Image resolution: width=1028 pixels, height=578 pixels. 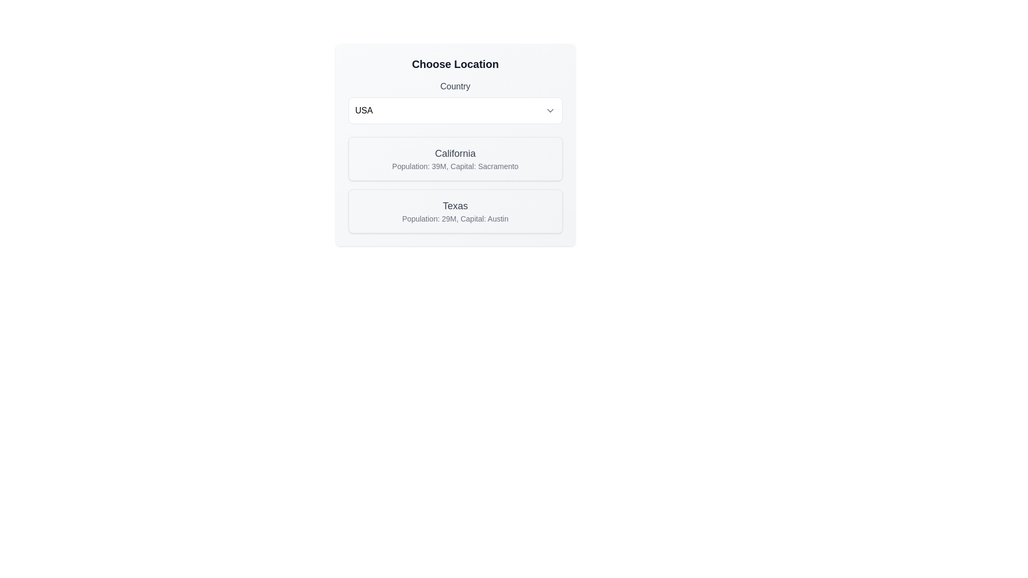 What do you see at coordinates (455, 206) in the screenshot?
I see `the 'Texas' text label, which serves as an identifier within the card` at bounding box center [455, 206].